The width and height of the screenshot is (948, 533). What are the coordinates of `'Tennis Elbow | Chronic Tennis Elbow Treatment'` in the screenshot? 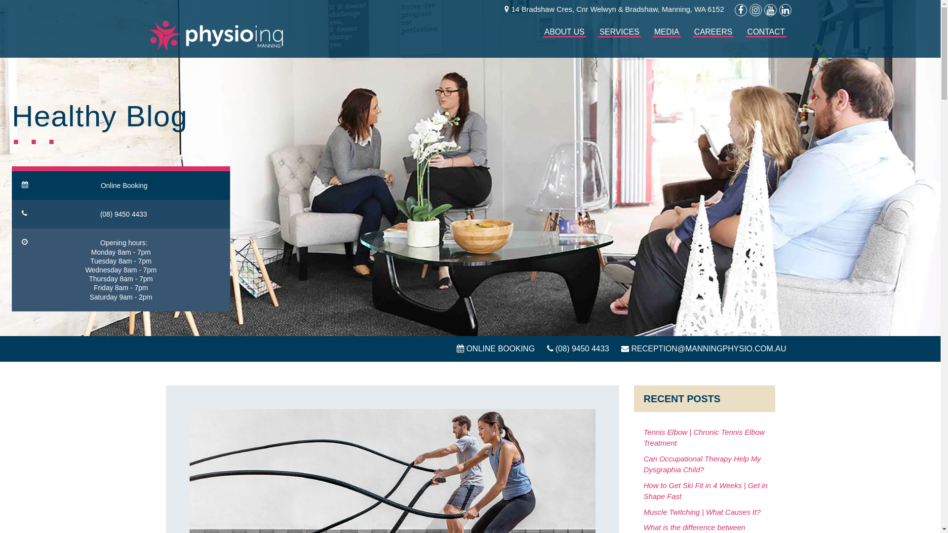 It's located at (704, 437).